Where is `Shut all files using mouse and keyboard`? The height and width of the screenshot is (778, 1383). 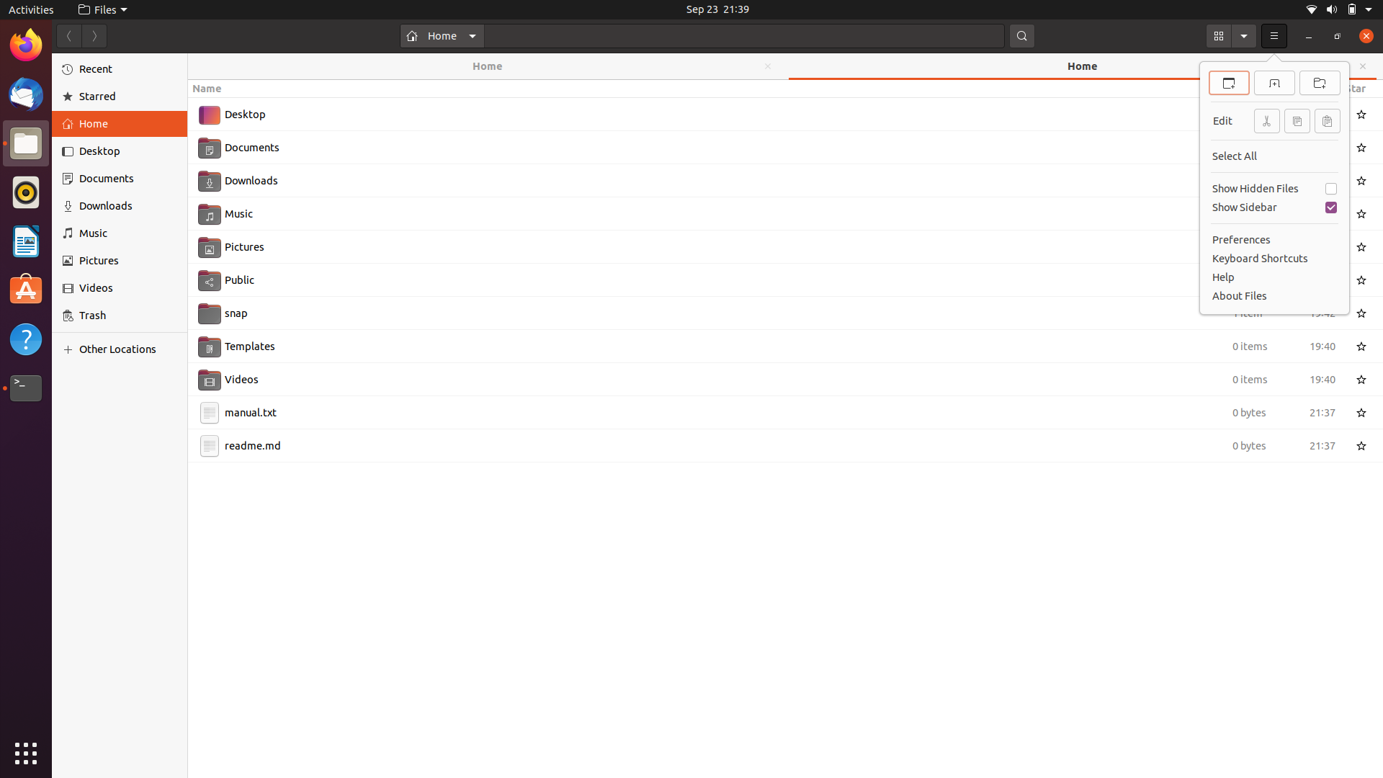 Shut all files using mouse and keyboard is located at coordinates (25, 143).